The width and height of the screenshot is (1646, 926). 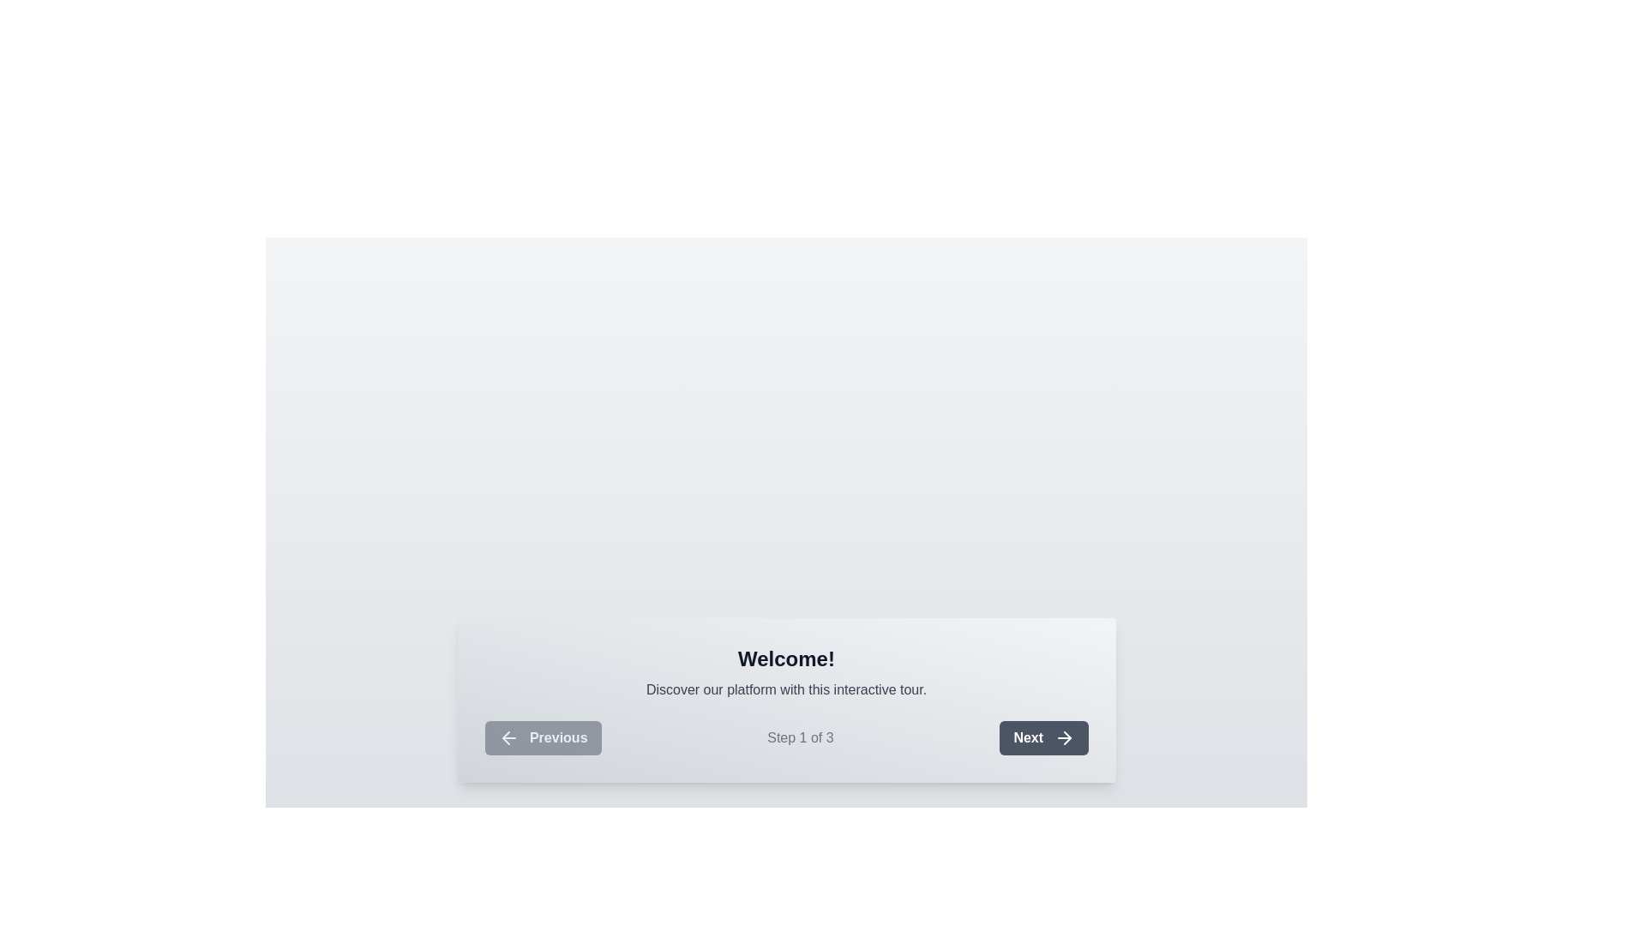 I want to click on the 'Next' button with bold white text on a dark gray background, so click(x=1042, y=737).